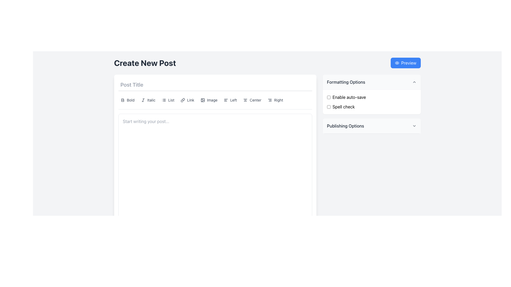 Image resolution: width=511 pixels, height=287 pixels. Describe the element at coordinates (328, 107) in the screenshot. I see `the small square checkbox with rounded edges and a blue color accent located to the left of the 'Spell check' label in the 'Formatting Options' section` at that location.